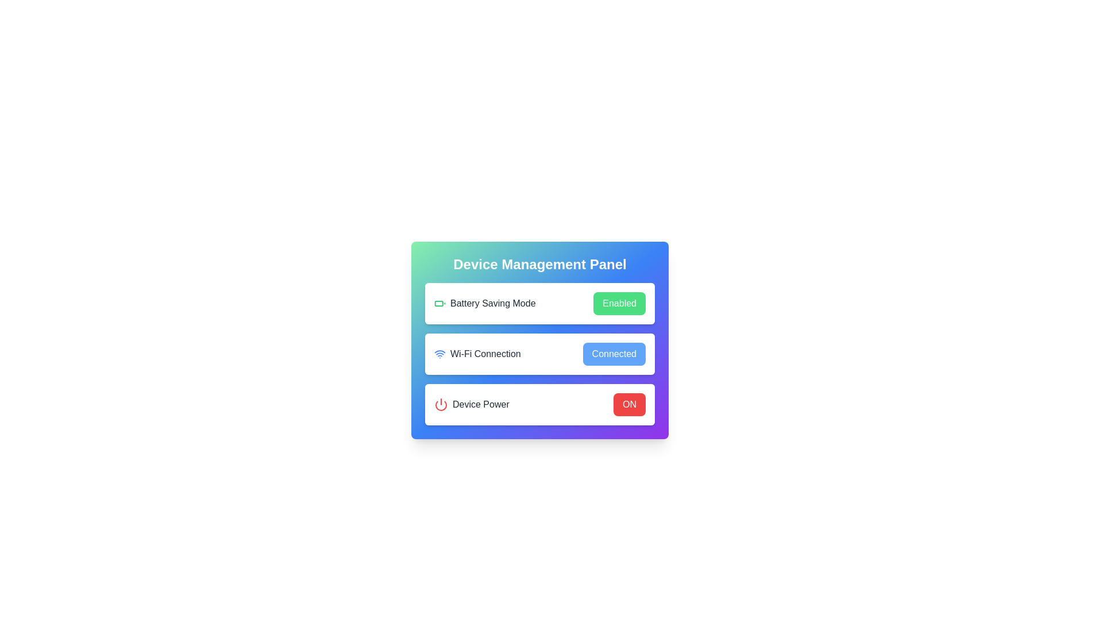 The height and width of the screenshot is (620, 1103). Describe the element at coordinates (439, 354) in the screenshot. I see `the blue Wi-Fi symbol icon located at the top-left corner of the 'Wi-Fi Connection' section, immediately preceding the textual label` at that location.